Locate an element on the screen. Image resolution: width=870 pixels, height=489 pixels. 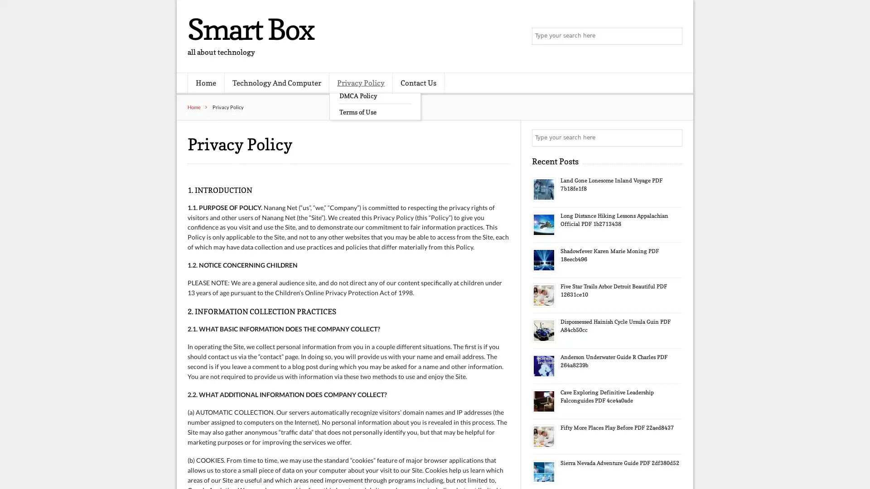
Search is located at coordinates (673, 36).